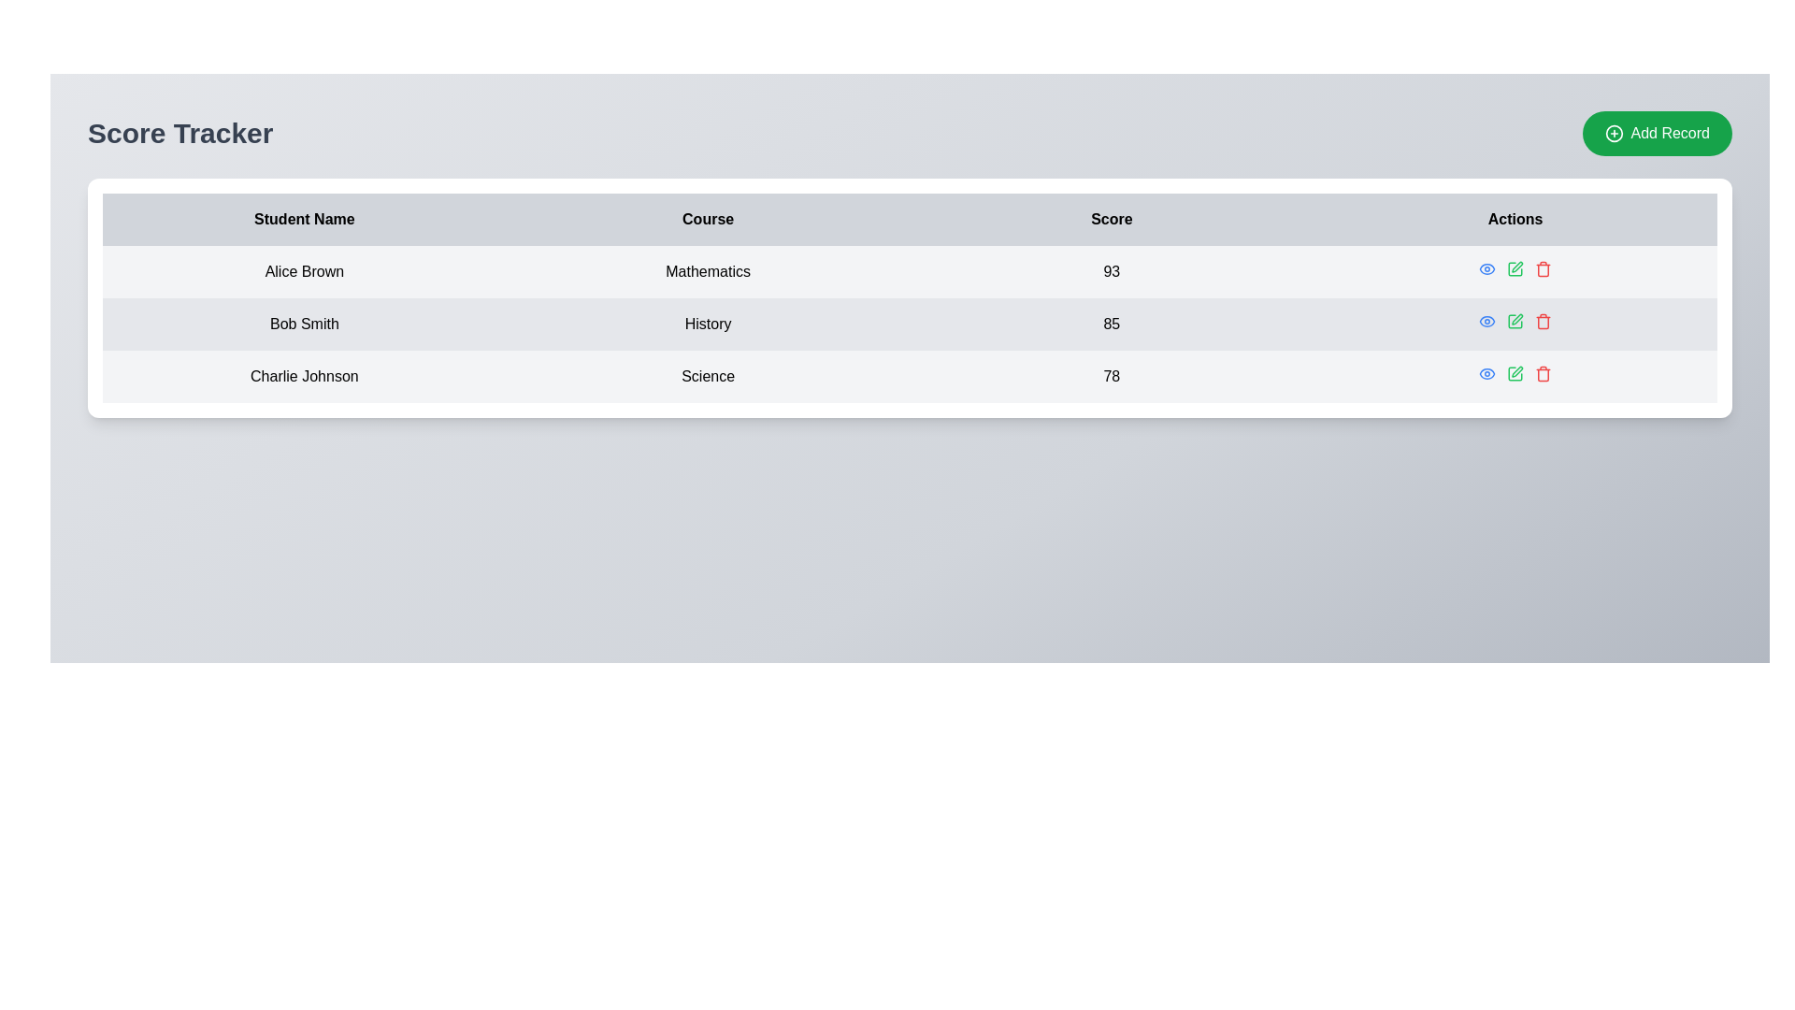 The image size is (1795, 1010). What do you see at coordinates (707, 219) in the screenshot?
I see `text of the Table Header Cell that serves as the label for the column containing course names, positioned between the 'Student Name' and 'Score' cells` at bounding box center [707, 219].